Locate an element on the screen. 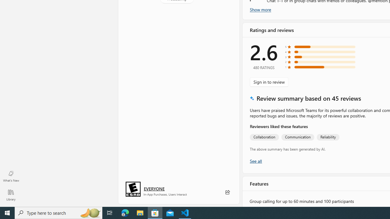 The image size is (390, 219). 'Show all ratings and reviews' is located at coordinates (256, 161).